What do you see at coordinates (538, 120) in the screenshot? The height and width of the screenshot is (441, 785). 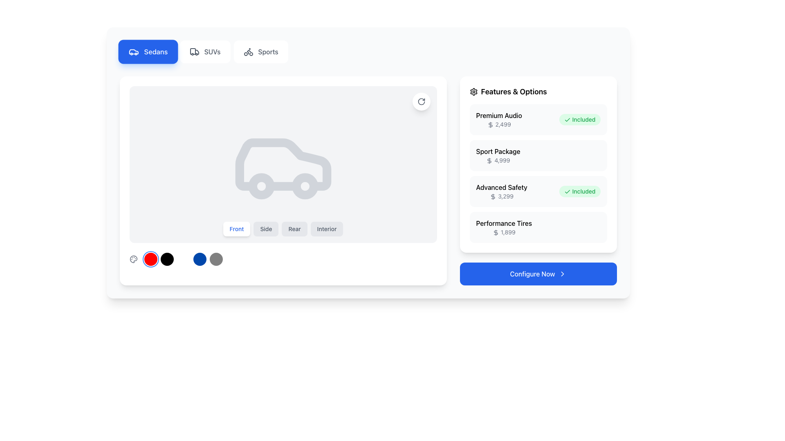 I see `the 'Premium Audio' feature card, which is the first element in the 'Features & Options' section, located at the top right of the interface` at bounding box center [538, 120].